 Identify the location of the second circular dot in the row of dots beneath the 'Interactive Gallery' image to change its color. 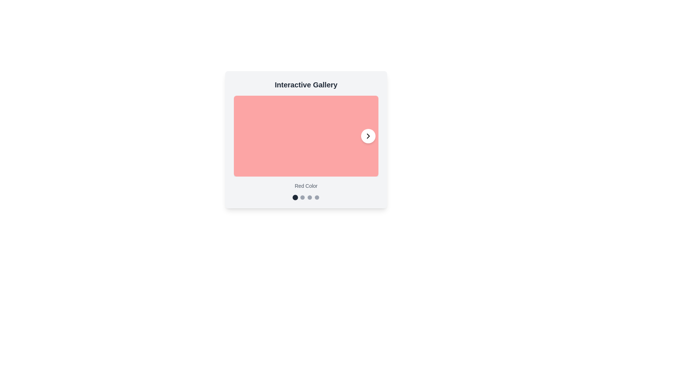
(302, 198).